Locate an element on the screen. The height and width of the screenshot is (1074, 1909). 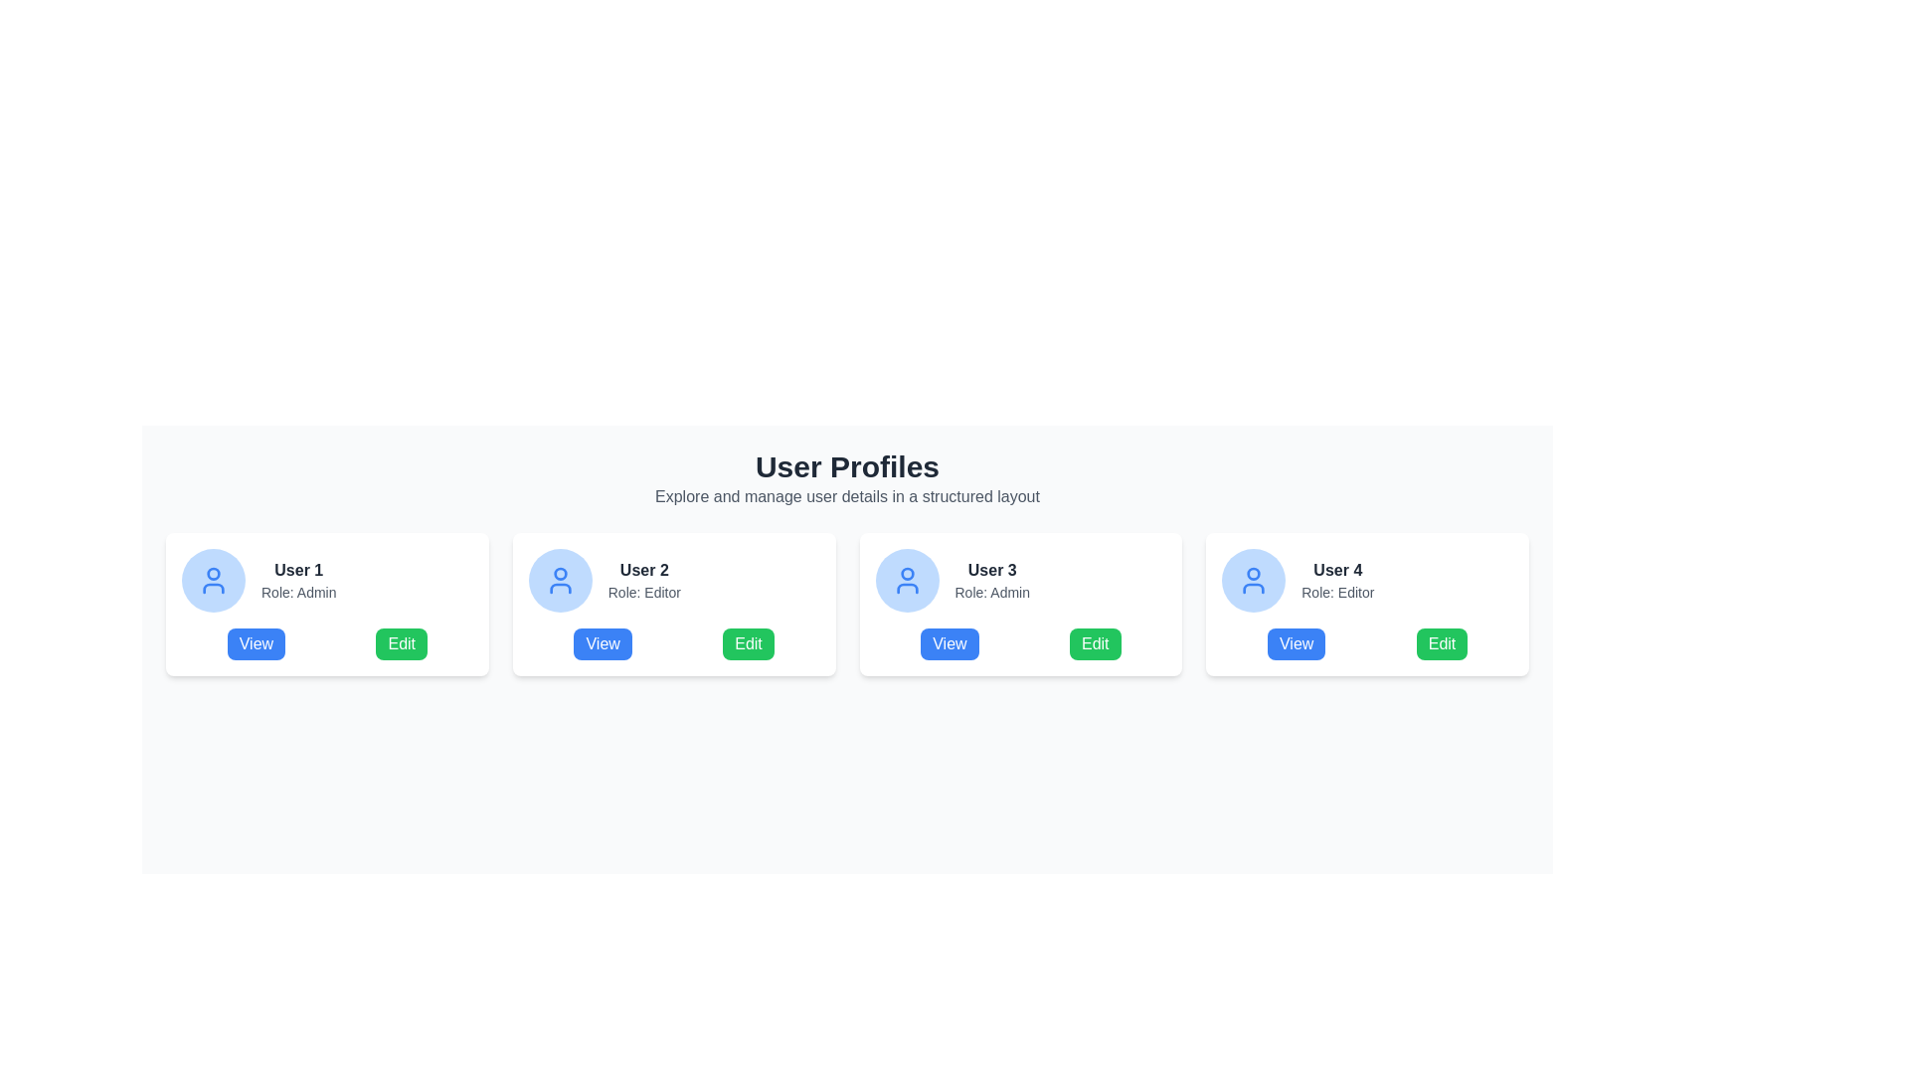
the first button in the second user profile card to trigger the hover effect is located at coordinates (602, 644).